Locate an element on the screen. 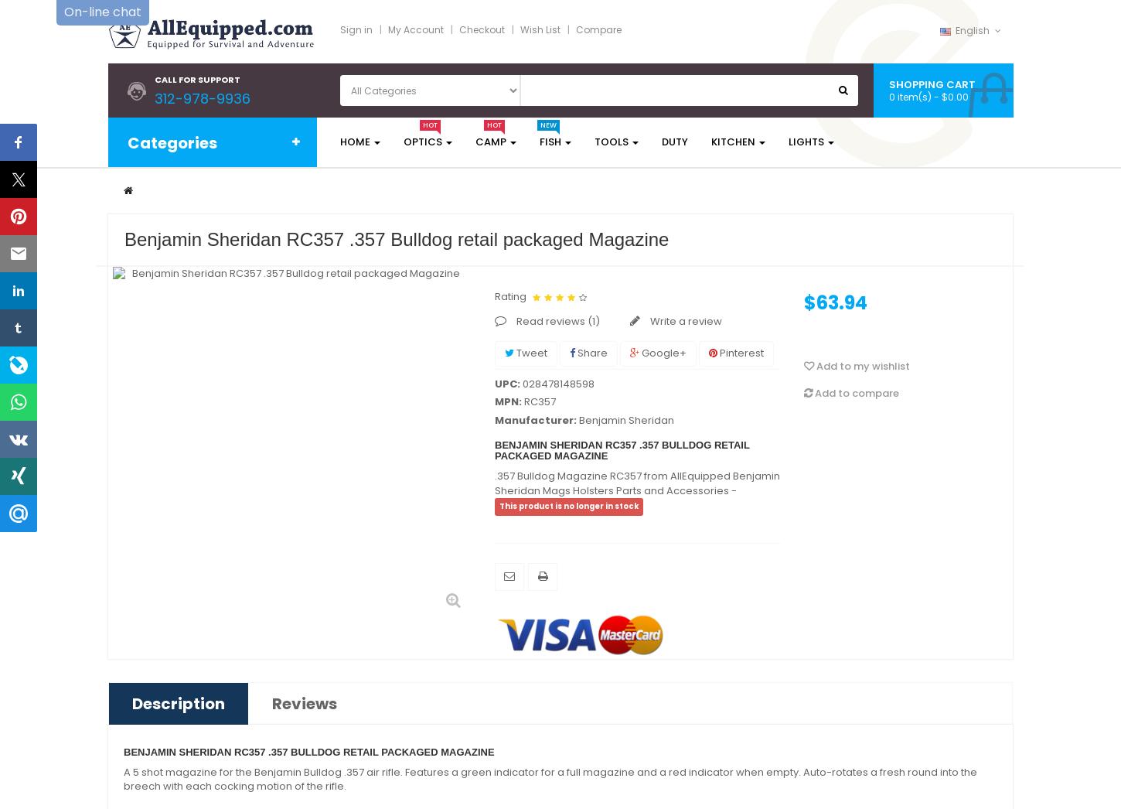  'Fishing Equipment' is located at coordinates (210, 226).